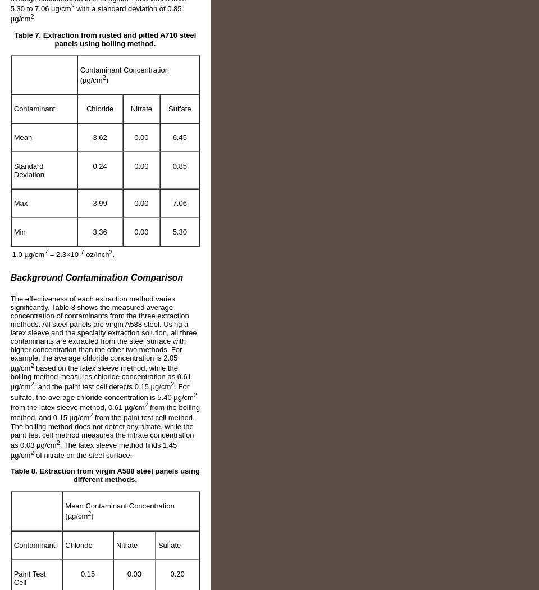  Describe the element at coordinates (102, 430) in the screenshot. I see `'from the paint test cell method. The boiling method does not detect any nitrate, while the paint test cell method measures the nitrate concentration as 0.03 µg/cm'` at that location.